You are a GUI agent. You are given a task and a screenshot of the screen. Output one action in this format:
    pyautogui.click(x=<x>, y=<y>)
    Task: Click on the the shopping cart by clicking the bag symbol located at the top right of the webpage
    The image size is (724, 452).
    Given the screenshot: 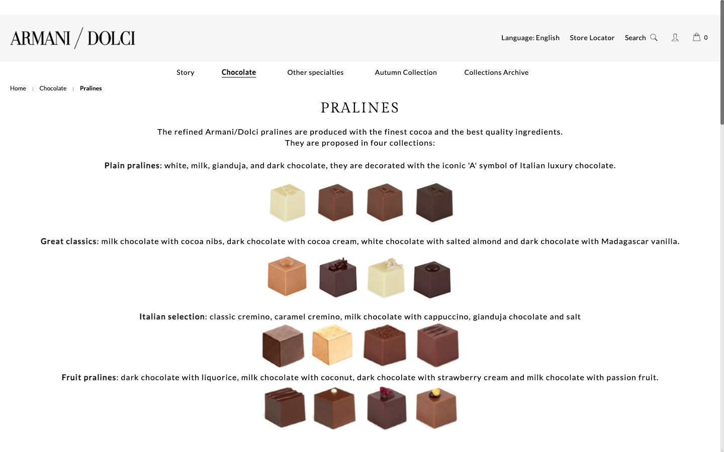 What is the action you would take?
    pyautogui.click(x=696, y=36)
    